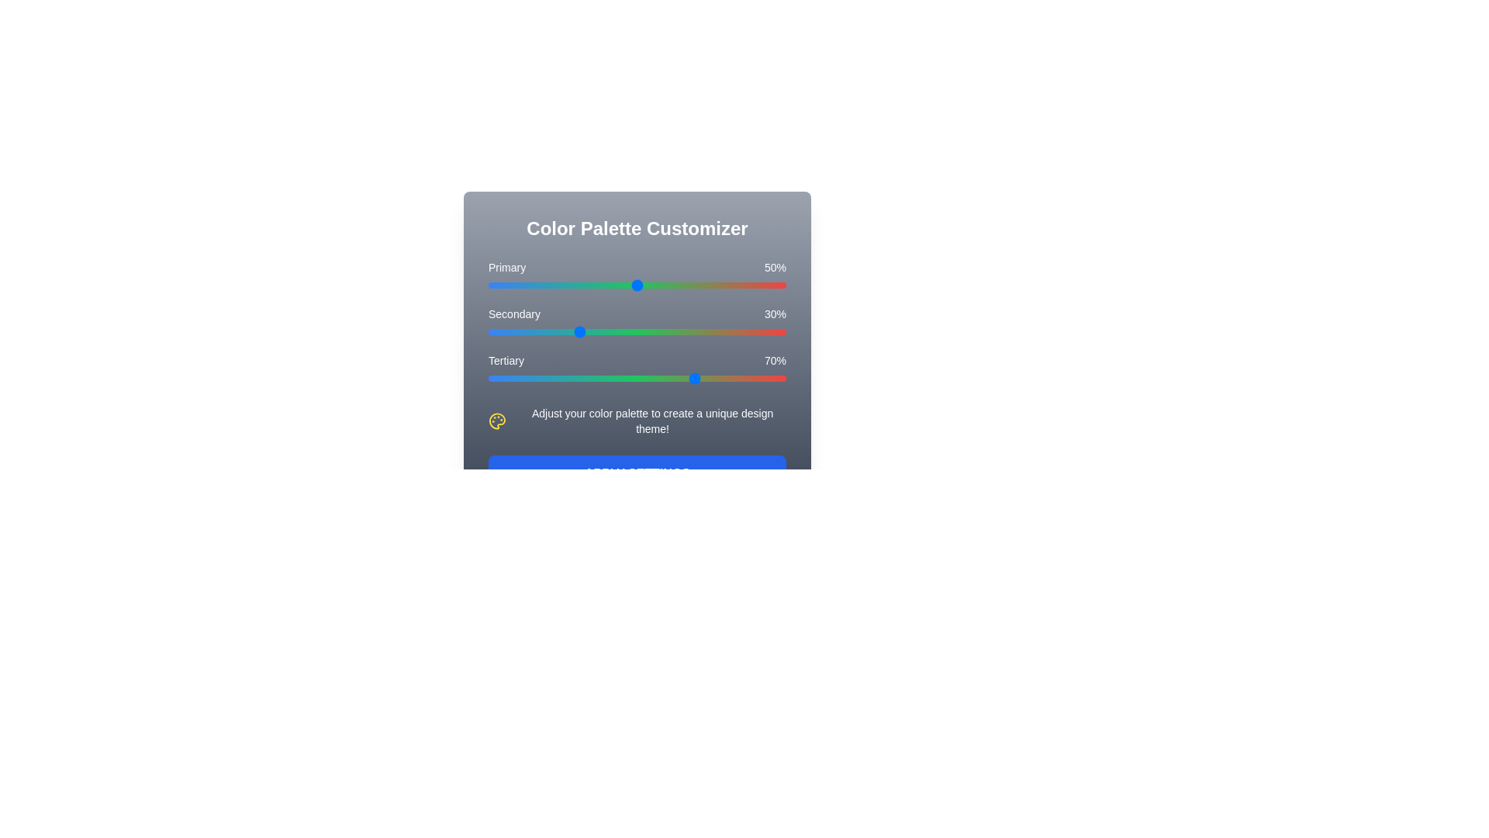  Describe the element at coordinates (775, 314) in the screenshot. I see `value '30%' displayed on the static text label located in the upper-right corner of the 'Secondary' slider, which features a gradient background` at that location.